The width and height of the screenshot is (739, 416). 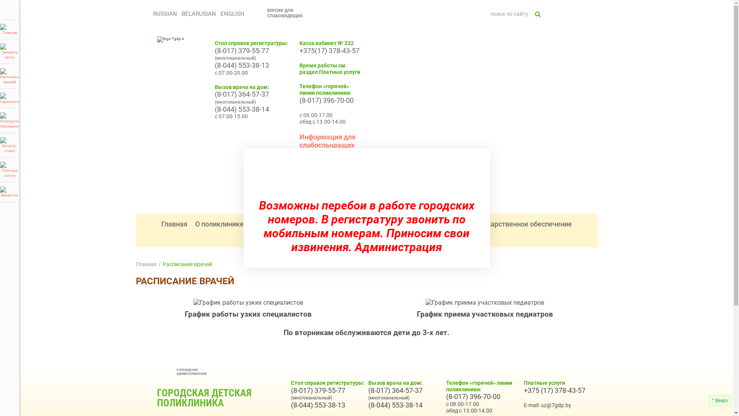 What do you see at coordinates (164, 13) in the screenshot?
I see `'RUSSIAN'` at bounding box center [164, 13].